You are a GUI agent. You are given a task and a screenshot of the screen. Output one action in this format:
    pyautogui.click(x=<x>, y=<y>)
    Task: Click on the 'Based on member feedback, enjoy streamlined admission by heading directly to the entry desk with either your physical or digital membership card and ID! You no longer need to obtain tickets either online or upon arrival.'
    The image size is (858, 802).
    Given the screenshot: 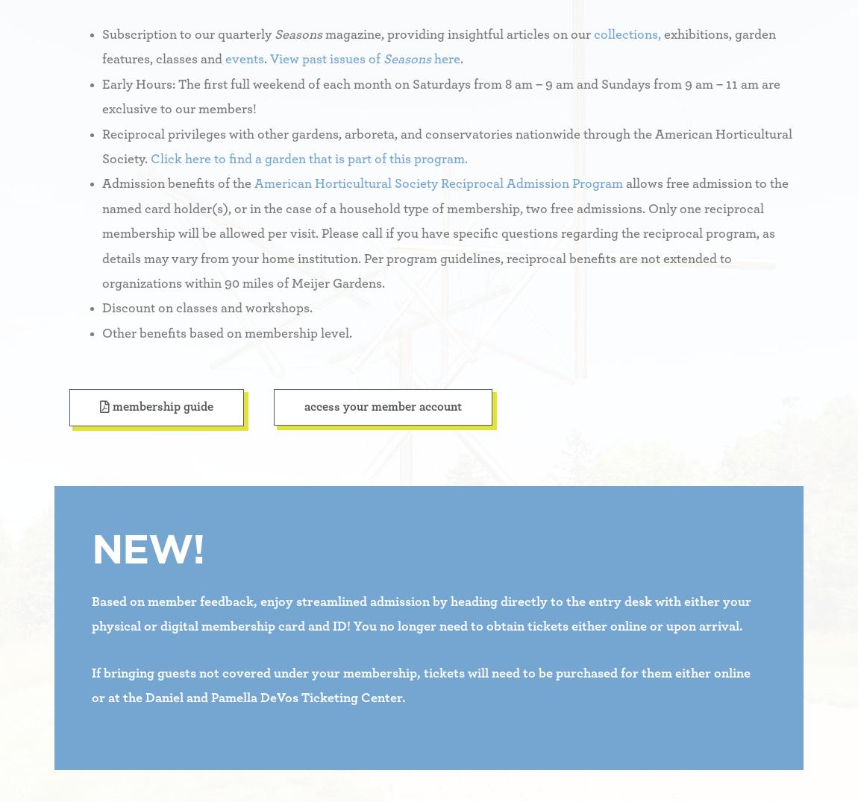 What is the action you would take?
    pyautogui.click(x=421, y=613)
    